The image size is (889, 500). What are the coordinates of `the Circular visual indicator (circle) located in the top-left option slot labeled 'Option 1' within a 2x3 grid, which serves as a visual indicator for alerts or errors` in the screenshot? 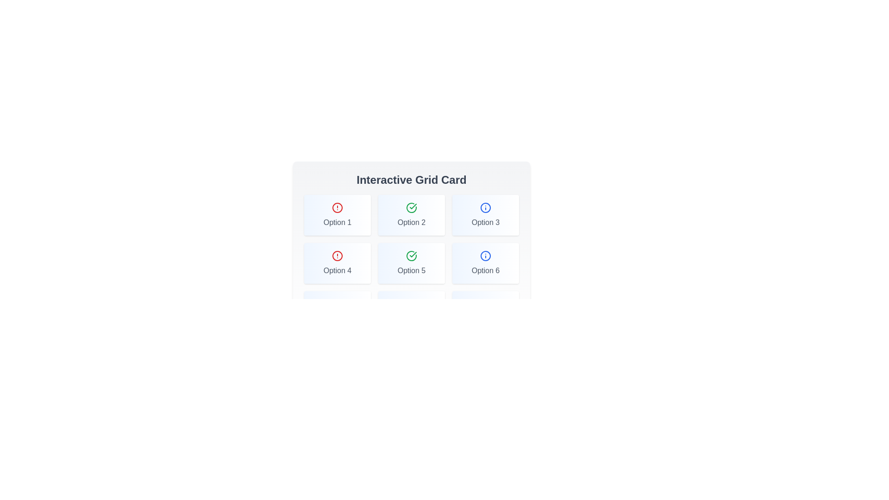 It's located at (337, 207).